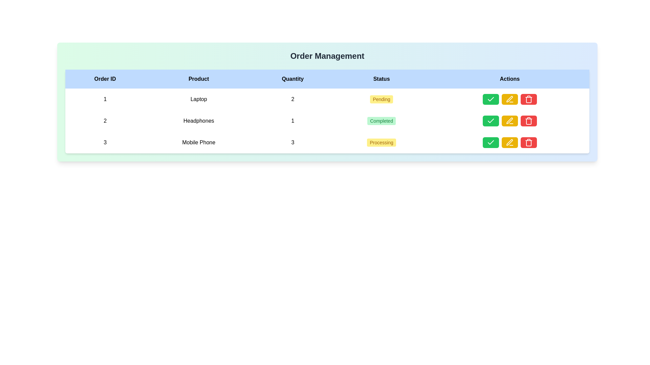 This screenshot has height=365, width=650. Describe the element at coordinates (105, 142) in the screenshot. I see `the number '3' displayed in the 'Order ID' column of the 'Order Management' table for the 'Mobile Phone' entry` at that location.